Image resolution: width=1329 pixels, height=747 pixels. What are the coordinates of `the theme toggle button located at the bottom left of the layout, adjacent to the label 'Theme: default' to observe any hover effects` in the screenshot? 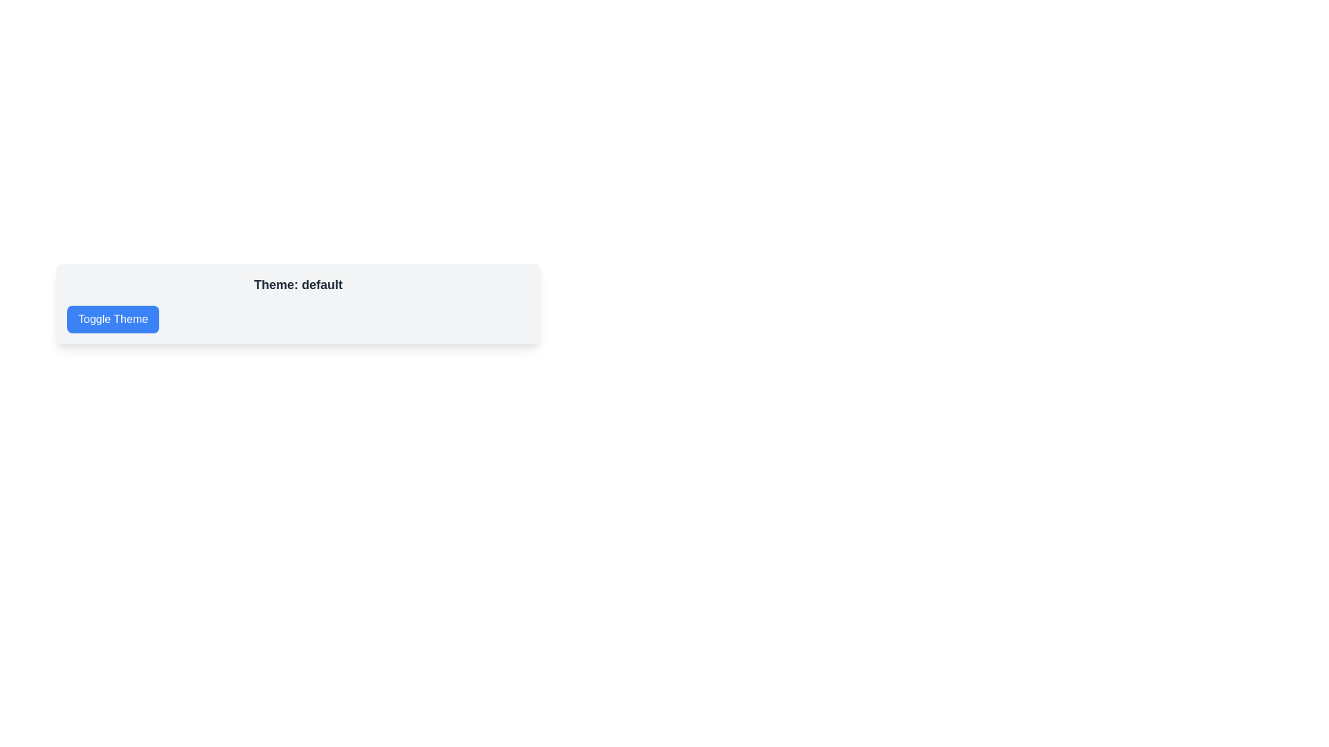 It's located at (113, 320).